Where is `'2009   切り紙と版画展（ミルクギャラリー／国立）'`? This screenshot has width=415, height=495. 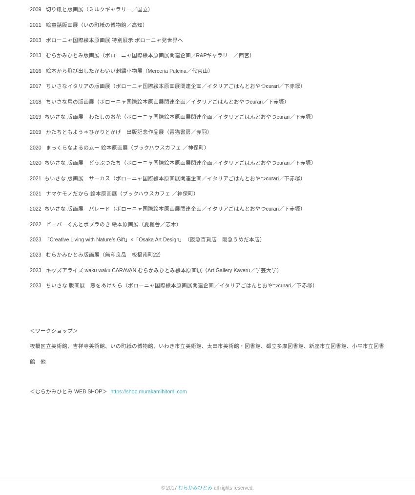 '2009   切り紙と版画展（ミルクギャラリー／国立）' is located at coordinates (91, 9).